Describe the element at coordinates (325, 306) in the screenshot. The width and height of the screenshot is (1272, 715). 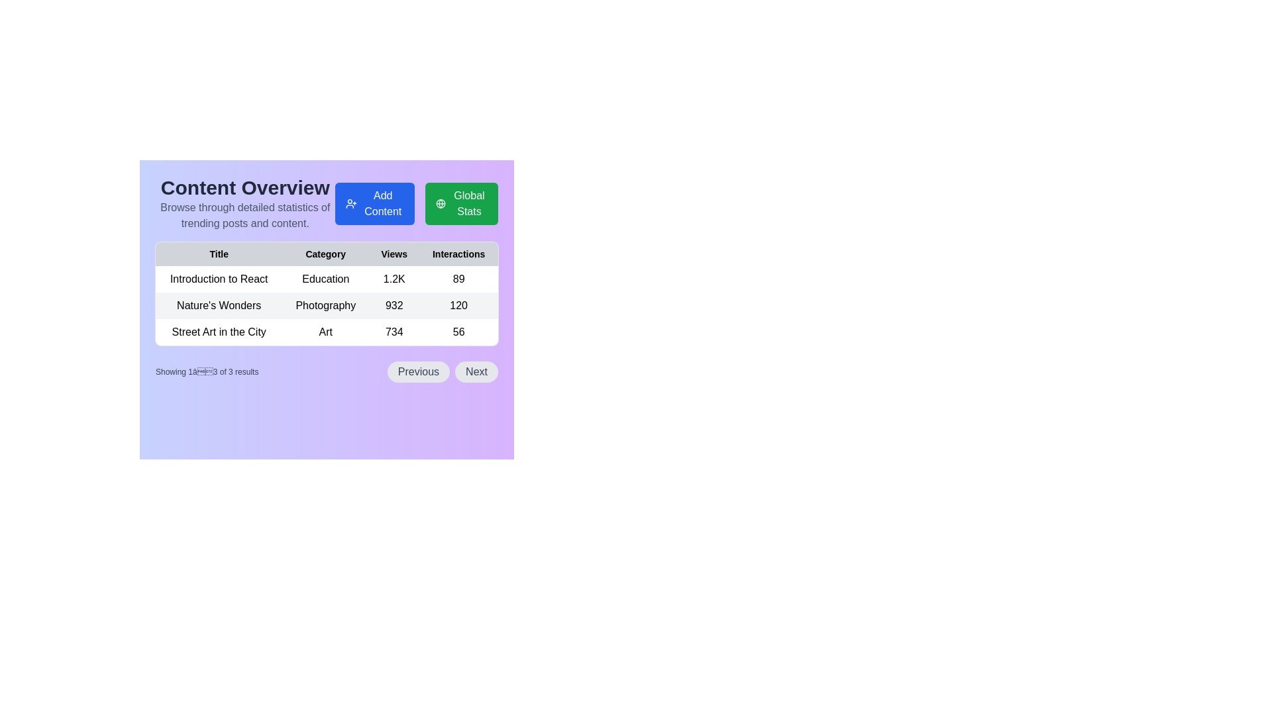
I see `the Text Label that serves as a category descriptor for the entry 'Nature's Wonders', located in the second row of the data table under the 'Category' column` at that location.